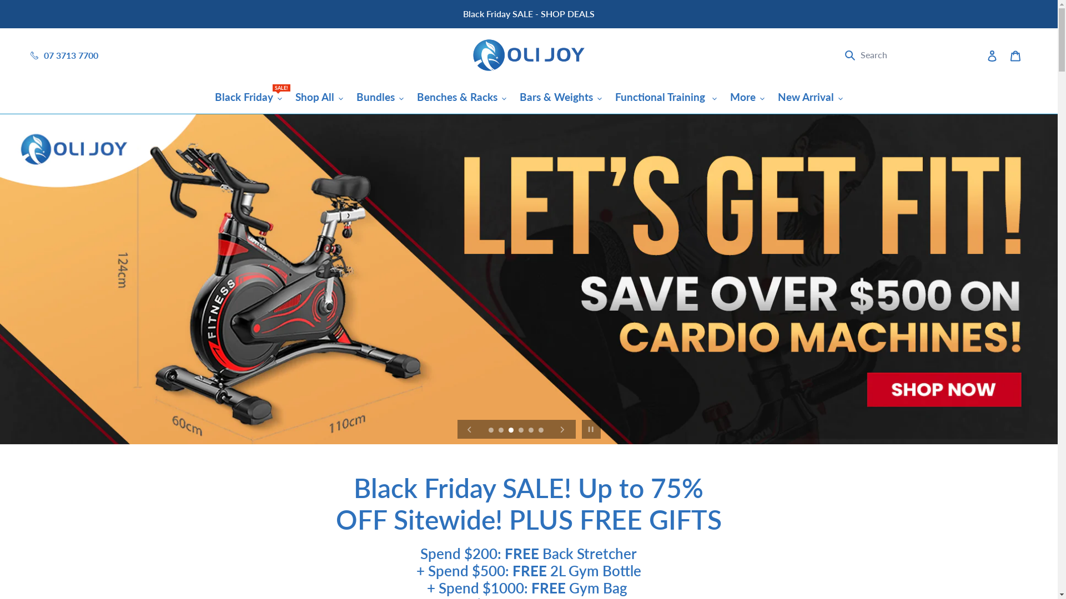 The height and width of the screenshot is (599, 1066). What do you see at coordinates (747, 97) in the screenshot?
I see `'More'` at bounding box center [747, 97].